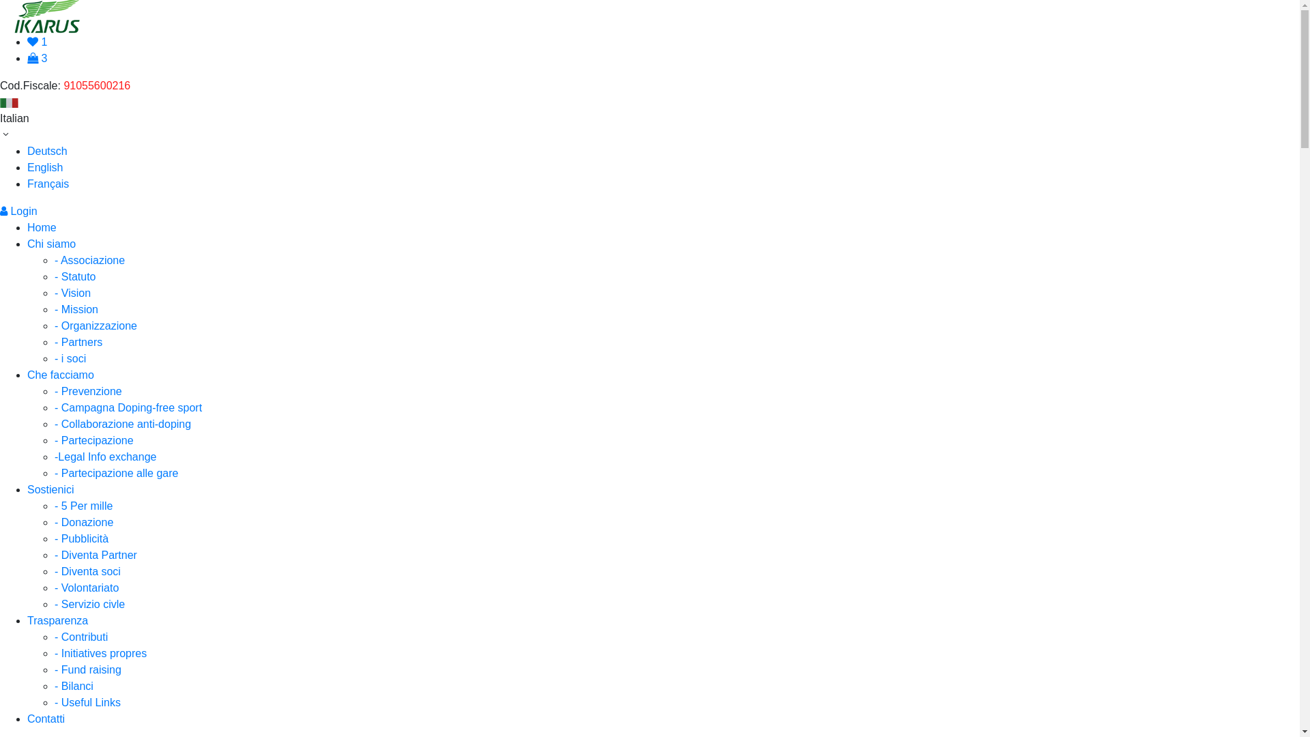 The image size is (1310, 737). What do you see at coordinates (95, 326) in the screenshot?
I see `'- Organizzazione'` at bounding box center [95, 326].